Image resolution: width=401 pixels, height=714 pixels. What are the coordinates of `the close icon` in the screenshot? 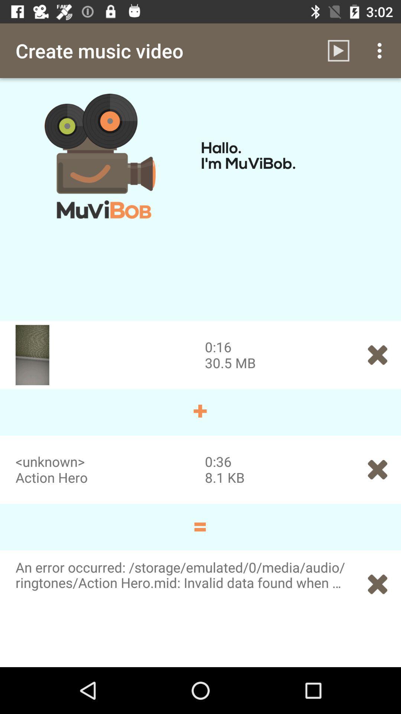 It's located at (378, 584).